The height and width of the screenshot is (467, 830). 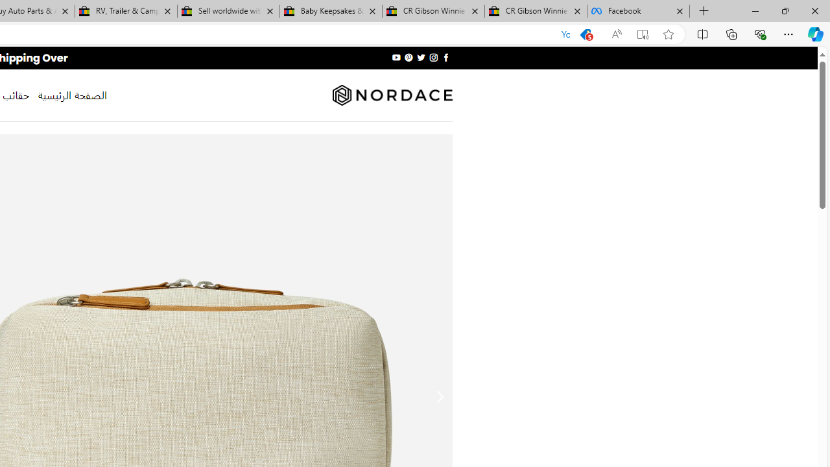 I want to click on 'Follow on Twitter', so click(x=420, y=57).